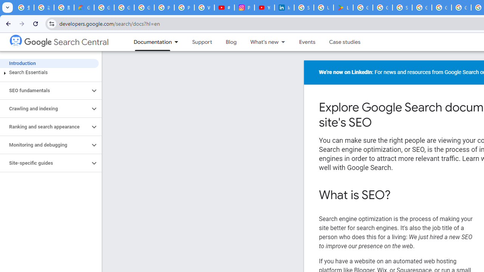 This screenshot has height=272, width=484. I want to click on 'SEO fundamentals', so click(44, 90).